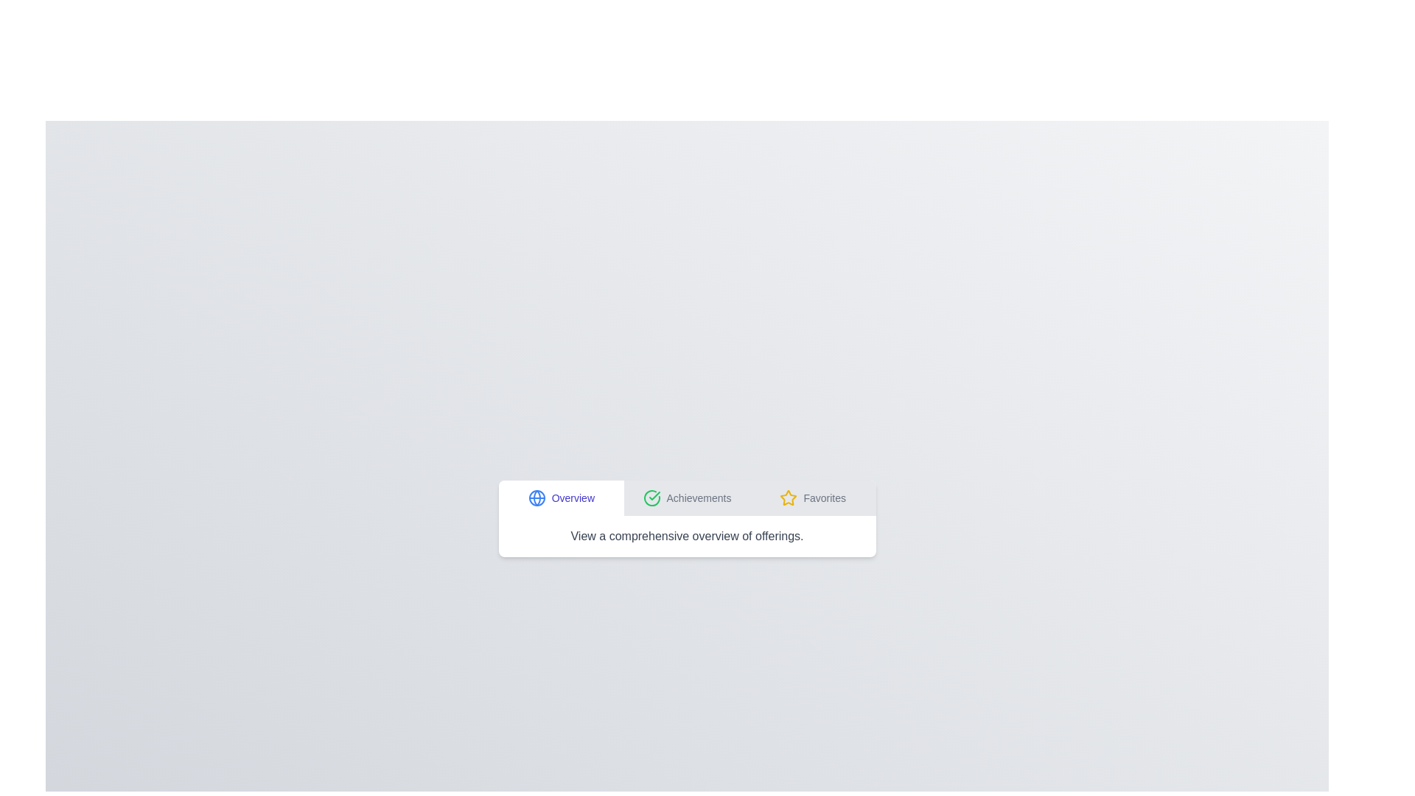 The image size is (1415, 796). I want to click on the tab labeled Overview to switch to that tab, so click(560, 497).